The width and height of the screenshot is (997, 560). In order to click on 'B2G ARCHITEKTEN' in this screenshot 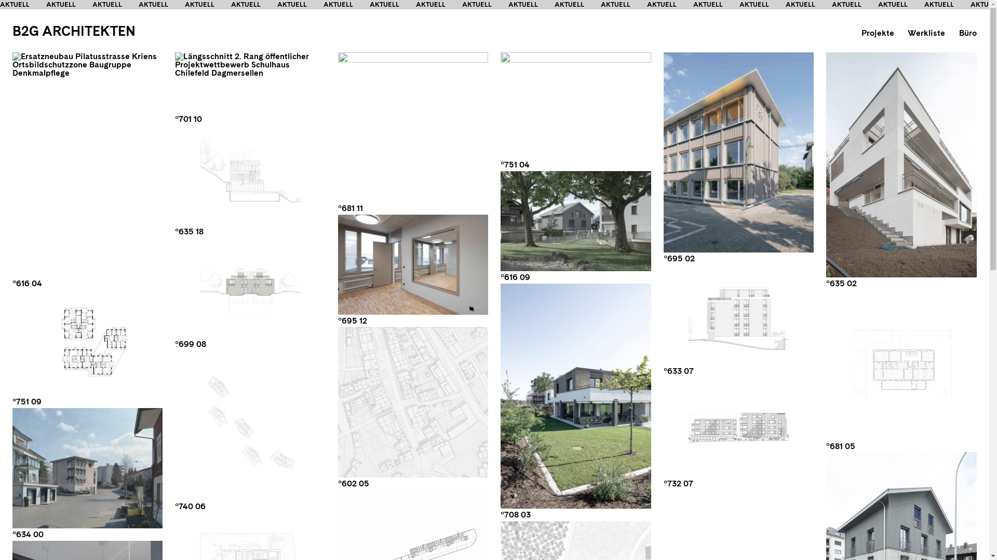, I will do `click(73, 30)`.